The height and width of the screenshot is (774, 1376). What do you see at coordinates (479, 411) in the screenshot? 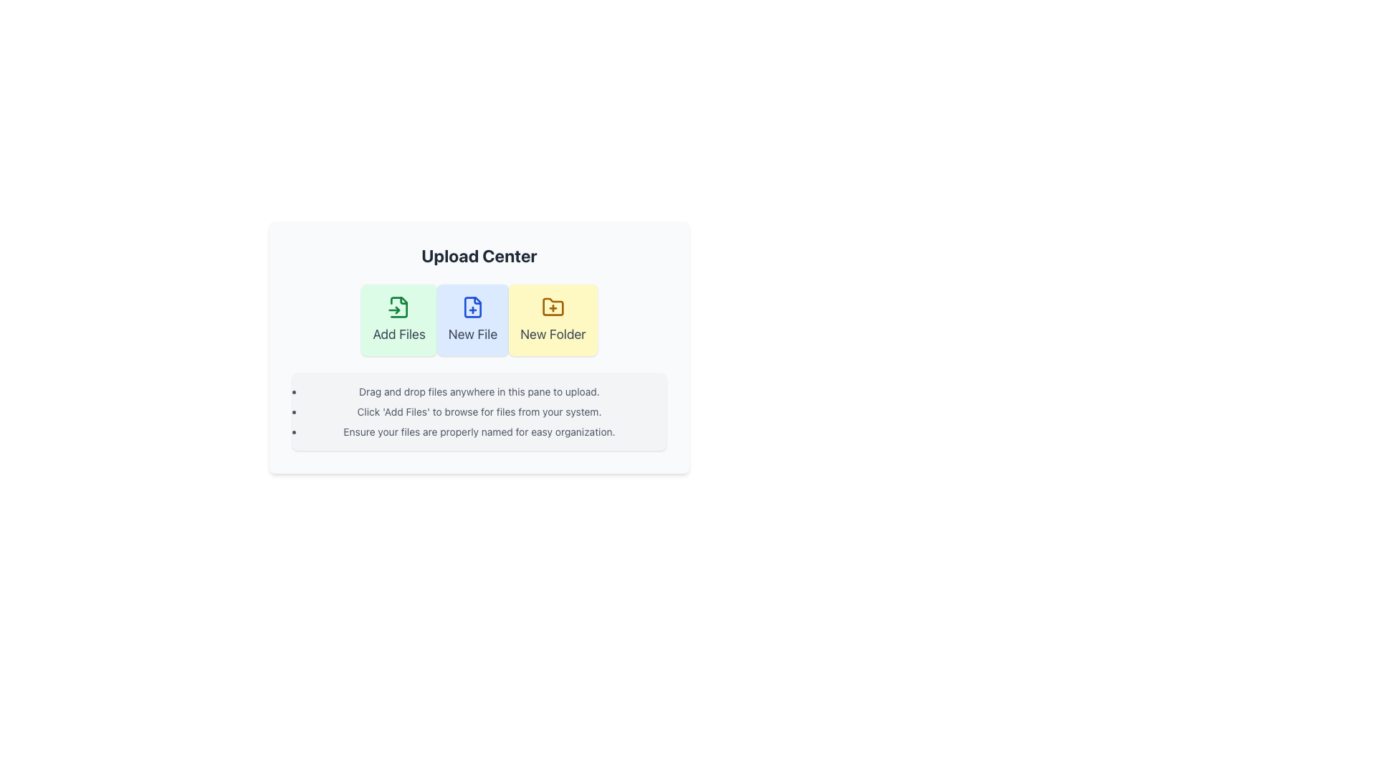
I see `instructions displayed as the text 'Click "Add Files" to browse for files from your system.' which is the second item in a list of three, positioned between two other instructions` at bounding box center [479, 411].